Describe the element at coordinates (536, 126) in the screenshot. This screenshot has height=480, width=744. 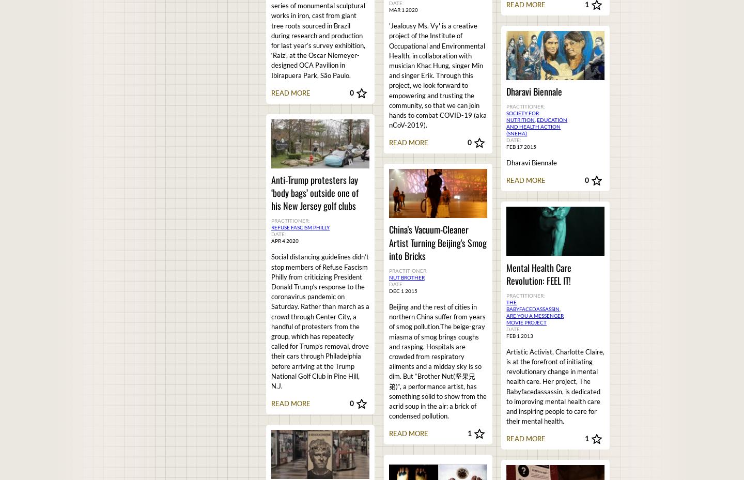
I see `'Education and Health Action (SNEHA)'` at that location.